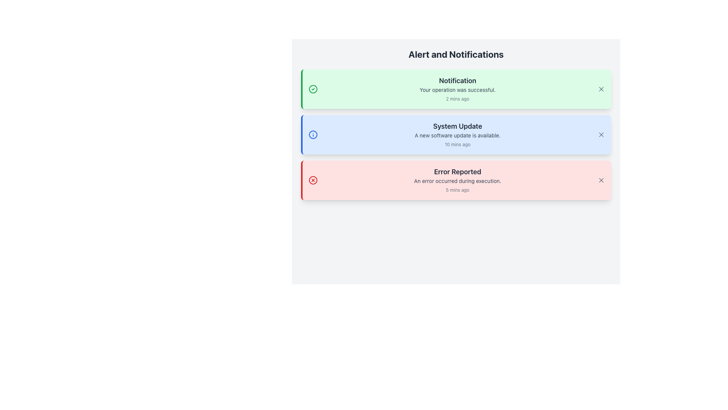 The image size is (728, 410). I want to click on the error indicator icon located to the left of the 'Error Reported' header within the notification card, so click(313, 180).